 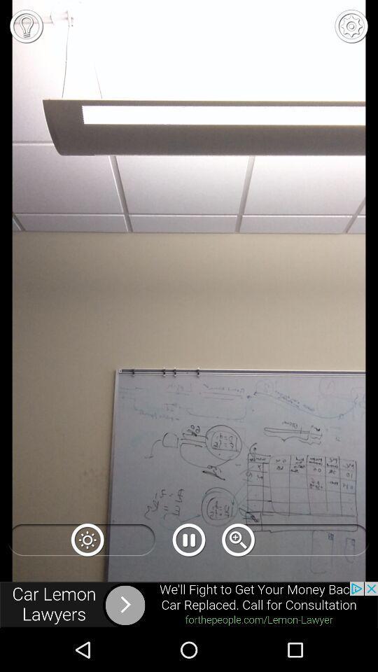 What do you see at coordinates (351, 25) in the screenshot?
I see `the settings icon` at bounding box center [351, 25].